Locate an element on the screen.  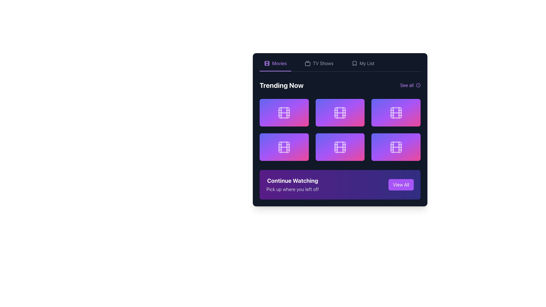
the vibrant gradient UI card component with a film reel icon in the 'Trending Now' section is located at coordinates (340, 147).